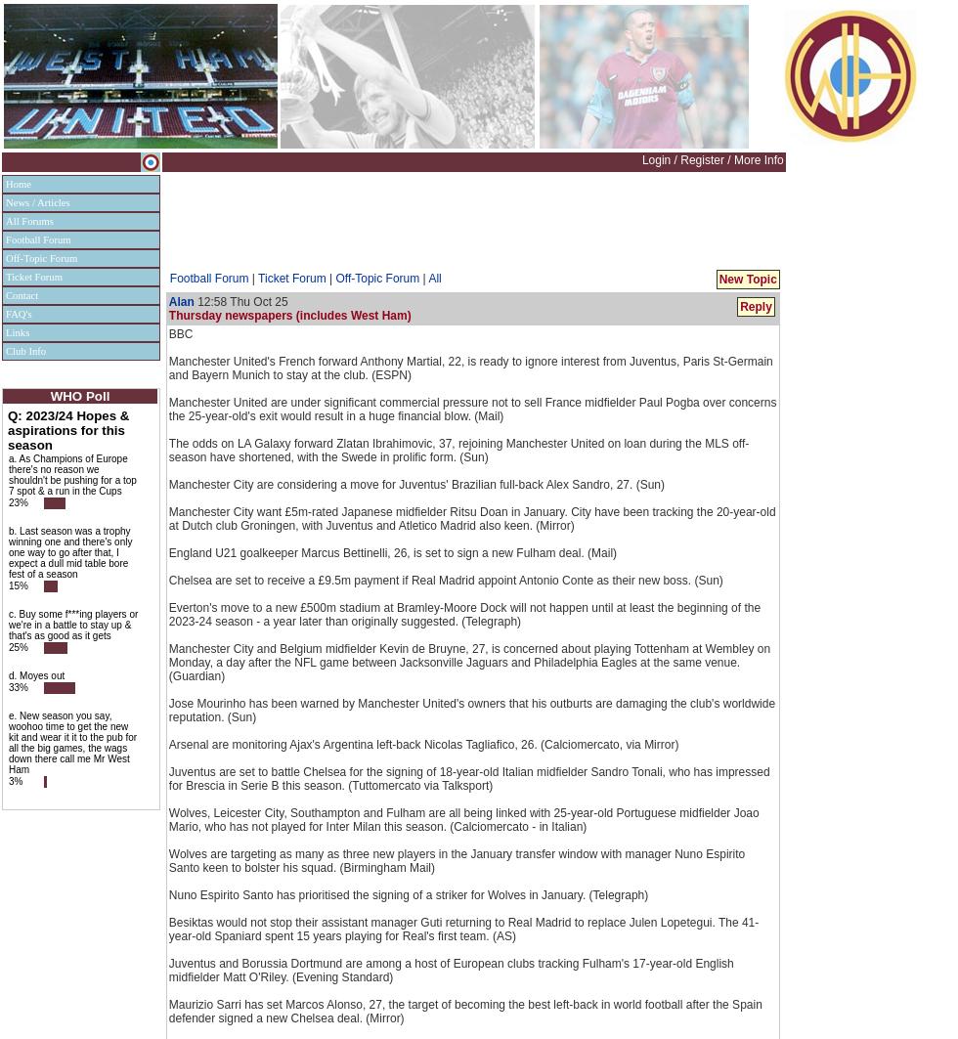 Image resolution: width=958 pixels, height=1039 pixels. I want to click on 'Besiktas would not stop their assistant manager Guti returning to Real Madrid to replace Julen Lopetegui. The 41-year-old Spaniard spent 15 years playing for Real's first team. (AS)', so click(463, 928).